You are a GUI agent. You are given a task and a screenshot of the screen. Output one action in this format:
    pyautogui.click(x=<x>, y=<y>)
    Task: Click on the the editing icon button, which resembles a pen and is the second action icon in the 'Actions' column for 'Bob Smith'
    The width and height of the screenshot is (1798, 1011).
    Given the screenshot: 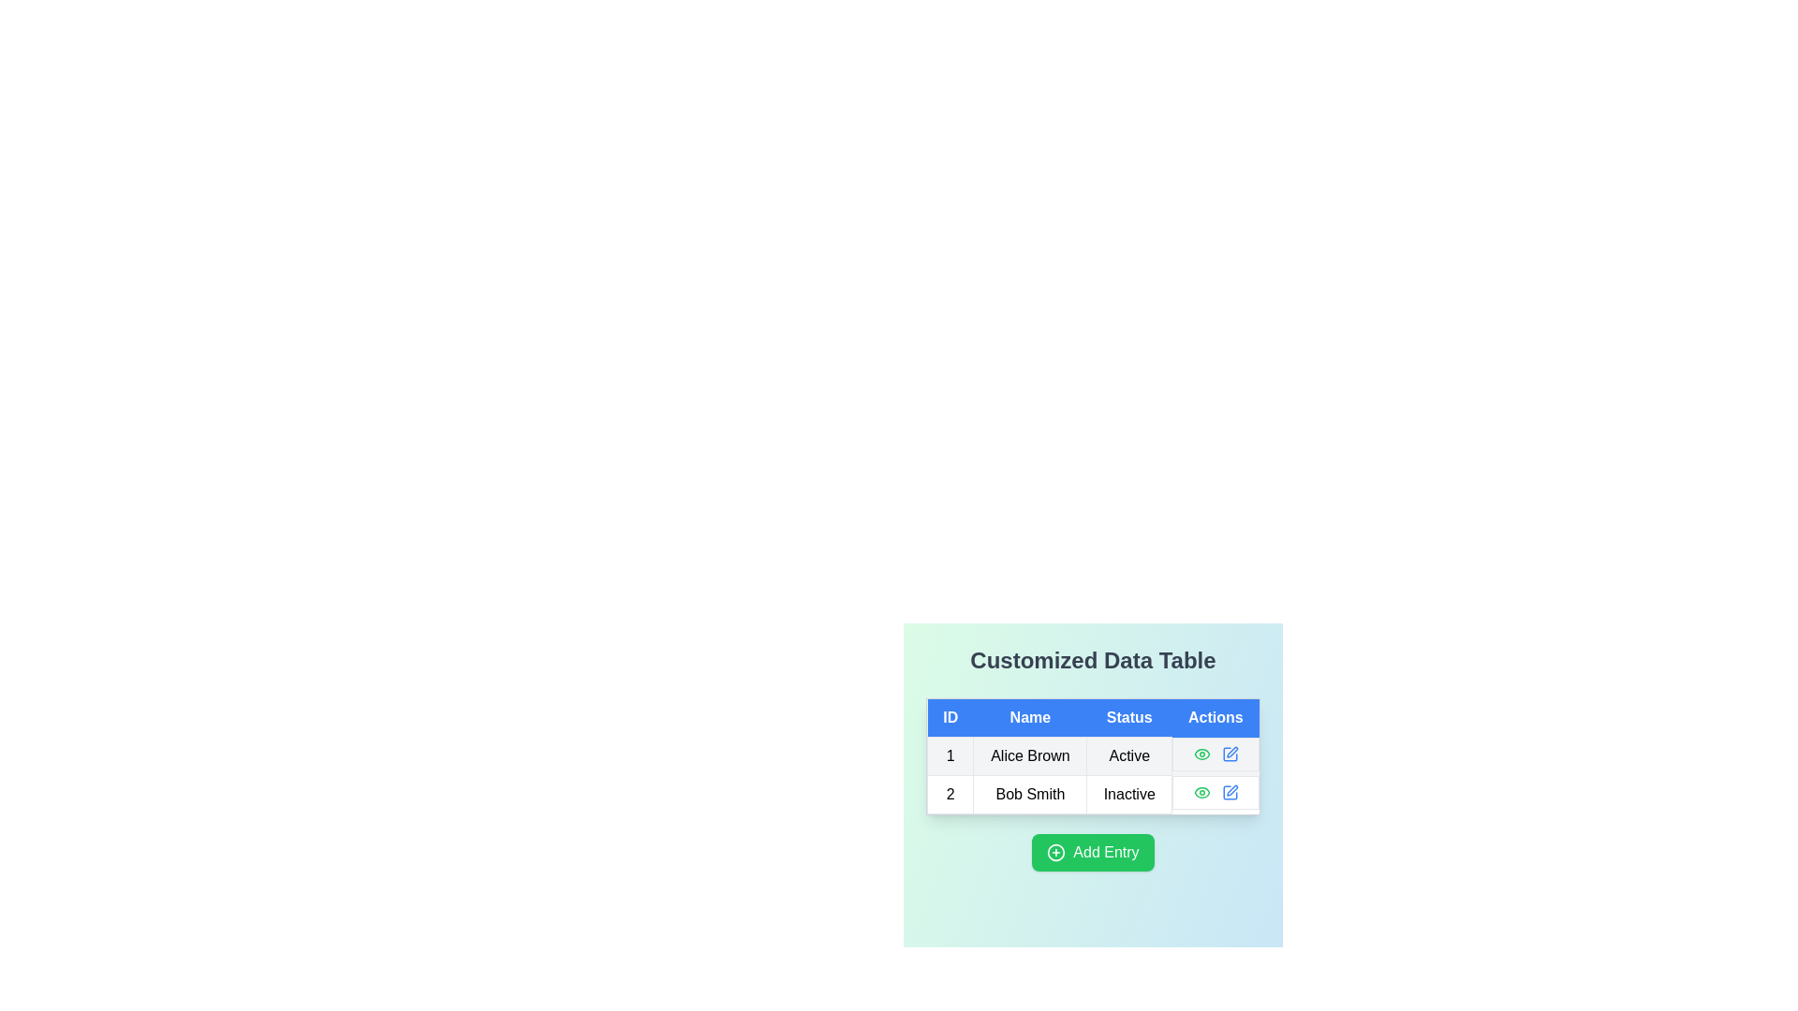 What is the action you would take?
    pyautogui.click(x=1231, y=751)
    